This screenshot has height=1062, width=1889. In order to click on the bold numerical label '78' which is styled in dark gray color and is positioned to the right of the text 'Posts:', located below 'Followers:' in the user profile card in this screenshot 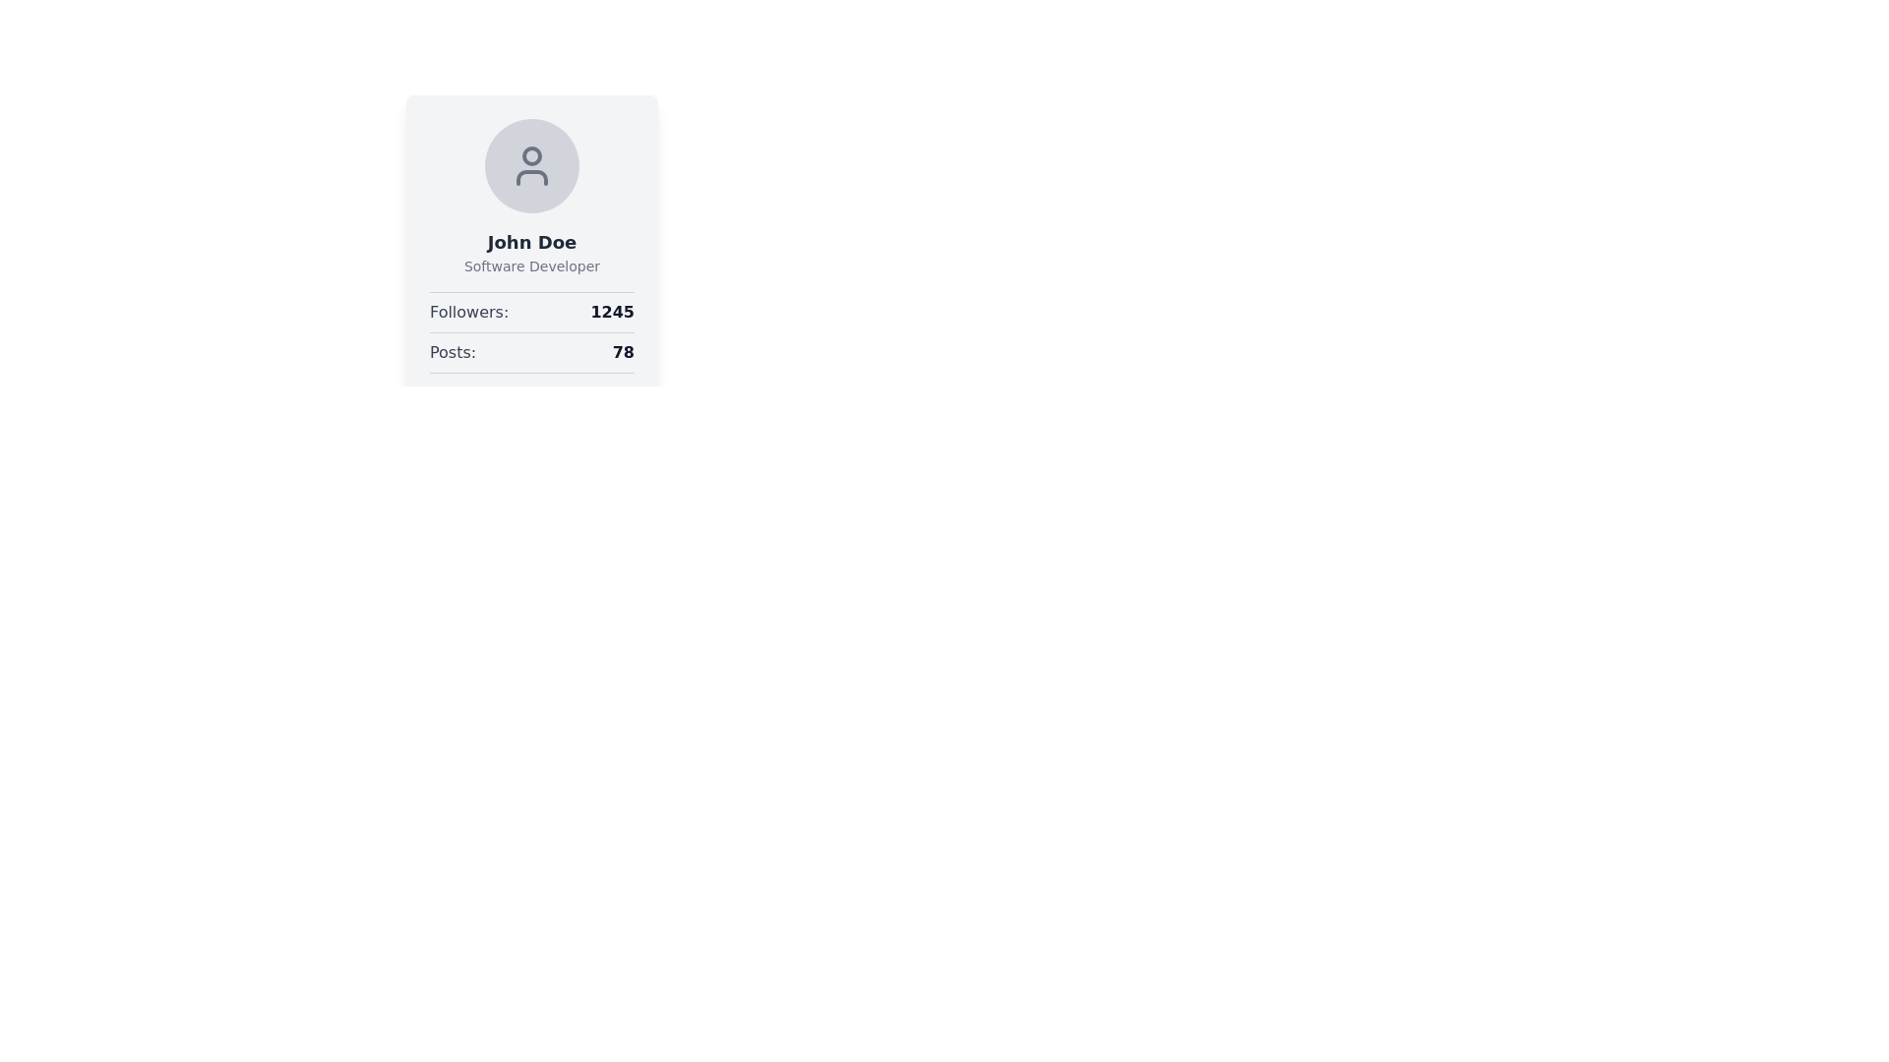, I will do `click(622, 351)`.